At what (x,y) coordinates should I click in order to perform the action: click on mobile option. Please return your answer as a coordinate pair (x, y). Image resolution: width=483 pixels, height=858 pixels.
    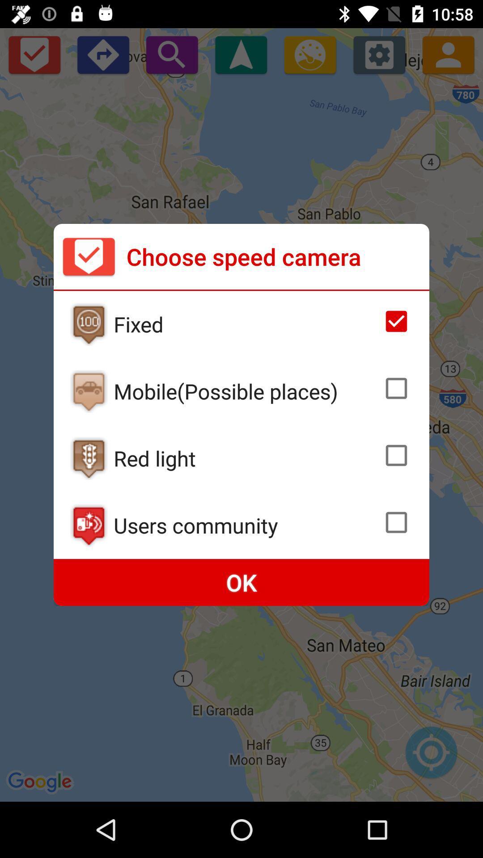
    Looking at the image, I should click on (89, 391).